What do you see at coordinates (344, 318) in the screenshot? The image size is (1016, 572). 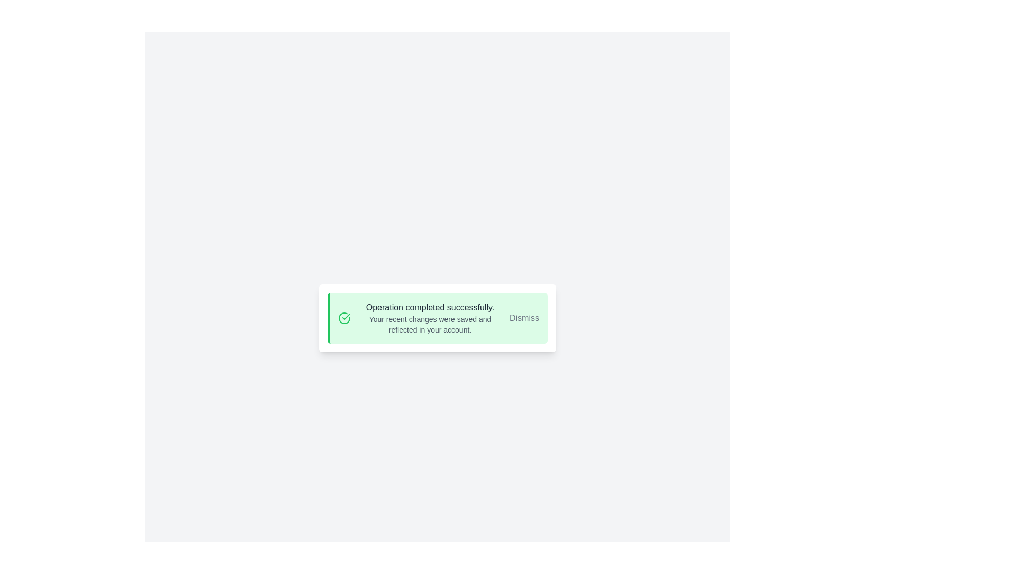 I see `the green circular icon with a checkmark inside, located at the leftmost part of the notification box` at bounding box center [344, 318].